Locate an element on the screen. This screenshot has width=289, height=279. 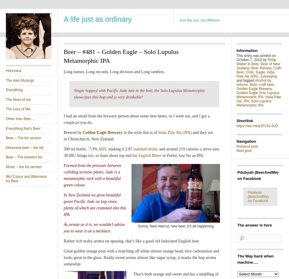
'Information' is located at coordinates (247, 50).